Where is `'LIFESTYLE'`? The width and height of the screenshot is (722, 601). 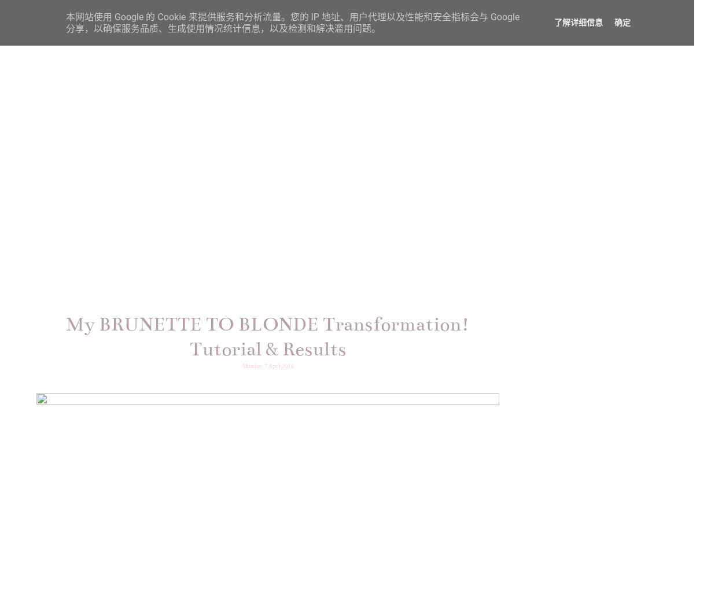 'LIFESTYLE' is located at coordinates (395, 41).